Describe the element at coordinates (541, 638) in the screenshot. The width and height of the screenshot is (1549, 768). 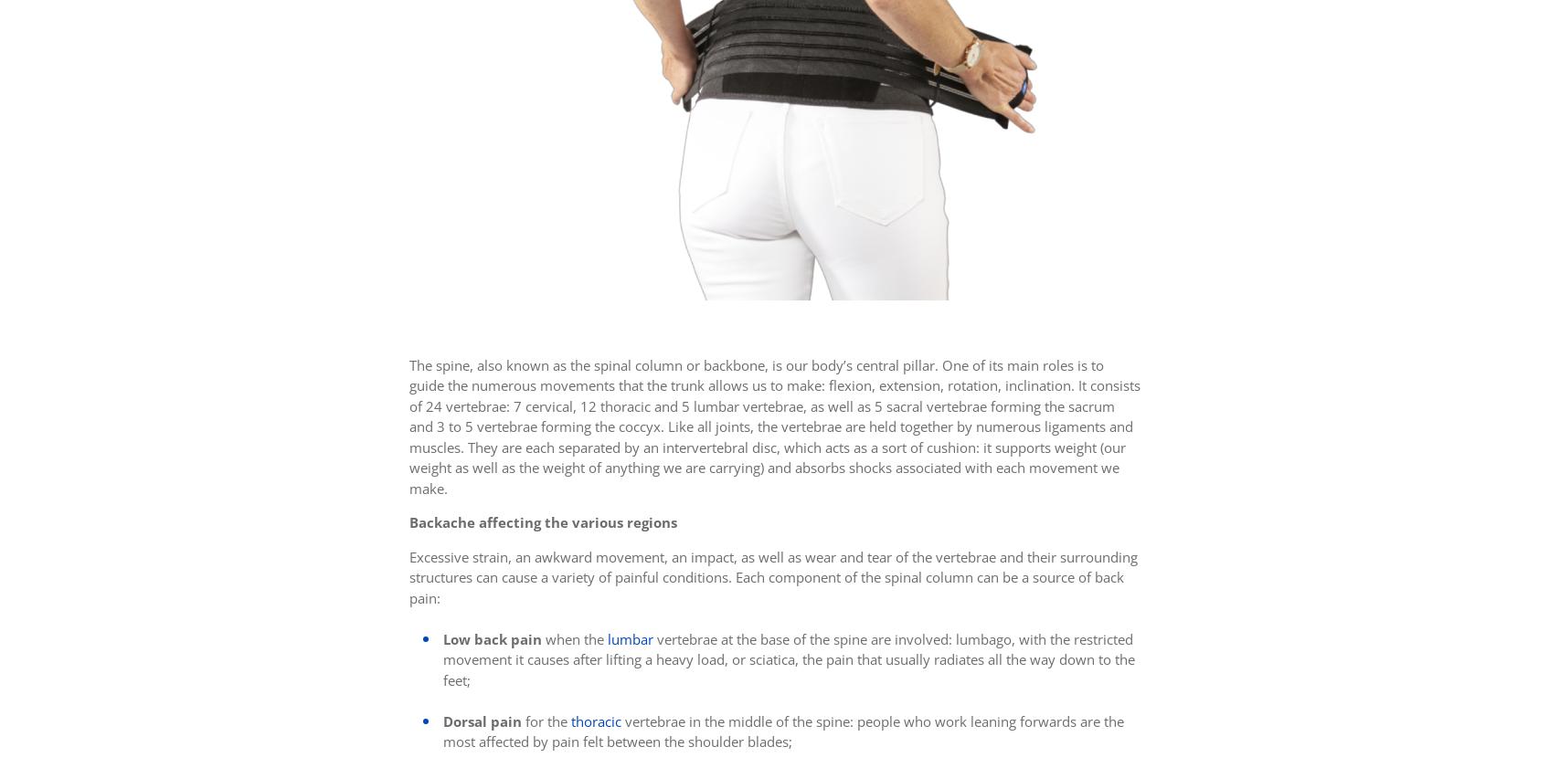
I see `'when the'` at that location.